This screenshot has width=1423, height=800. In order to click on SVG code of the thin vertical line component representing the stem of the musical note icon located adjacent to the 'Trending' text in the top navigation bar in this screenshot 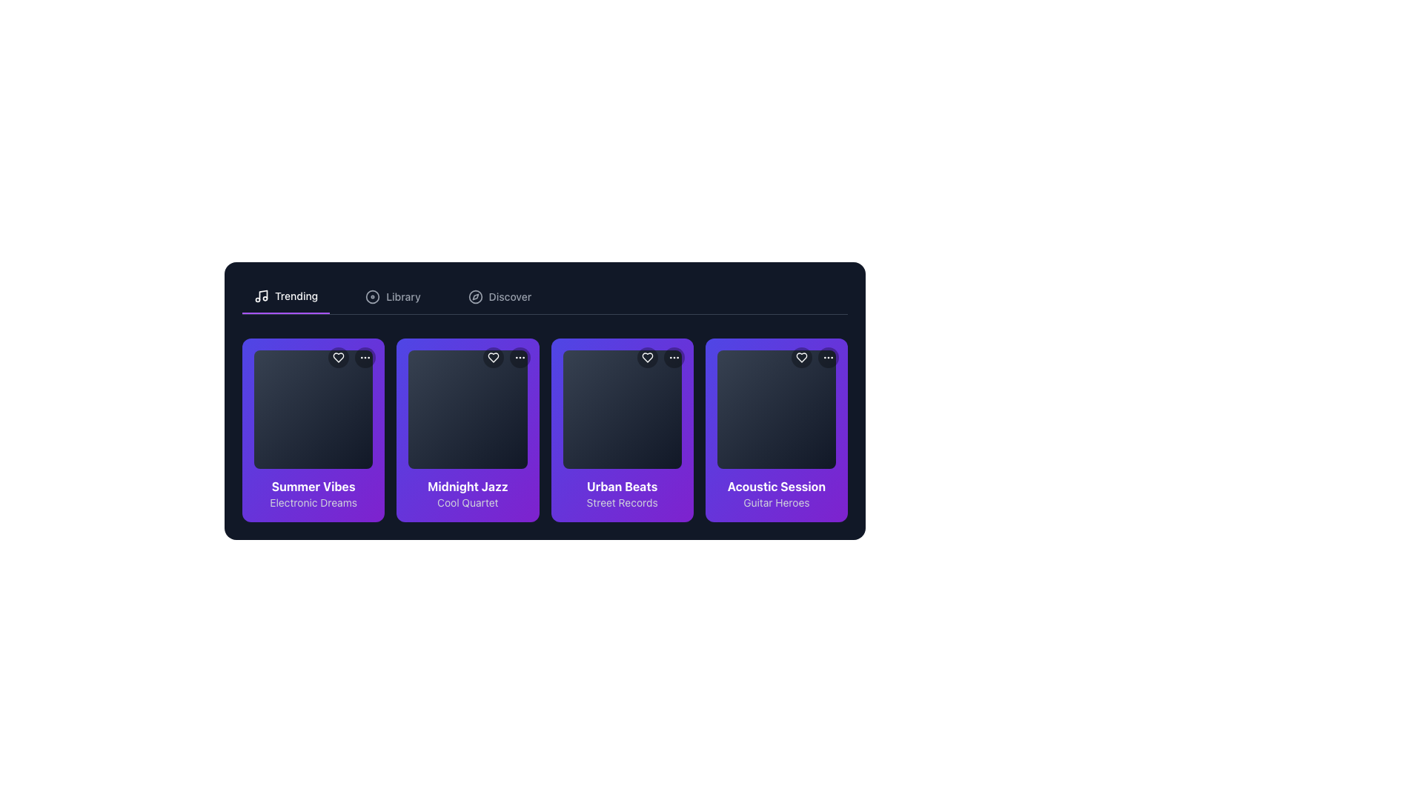, I will do `click(263, 295)`.